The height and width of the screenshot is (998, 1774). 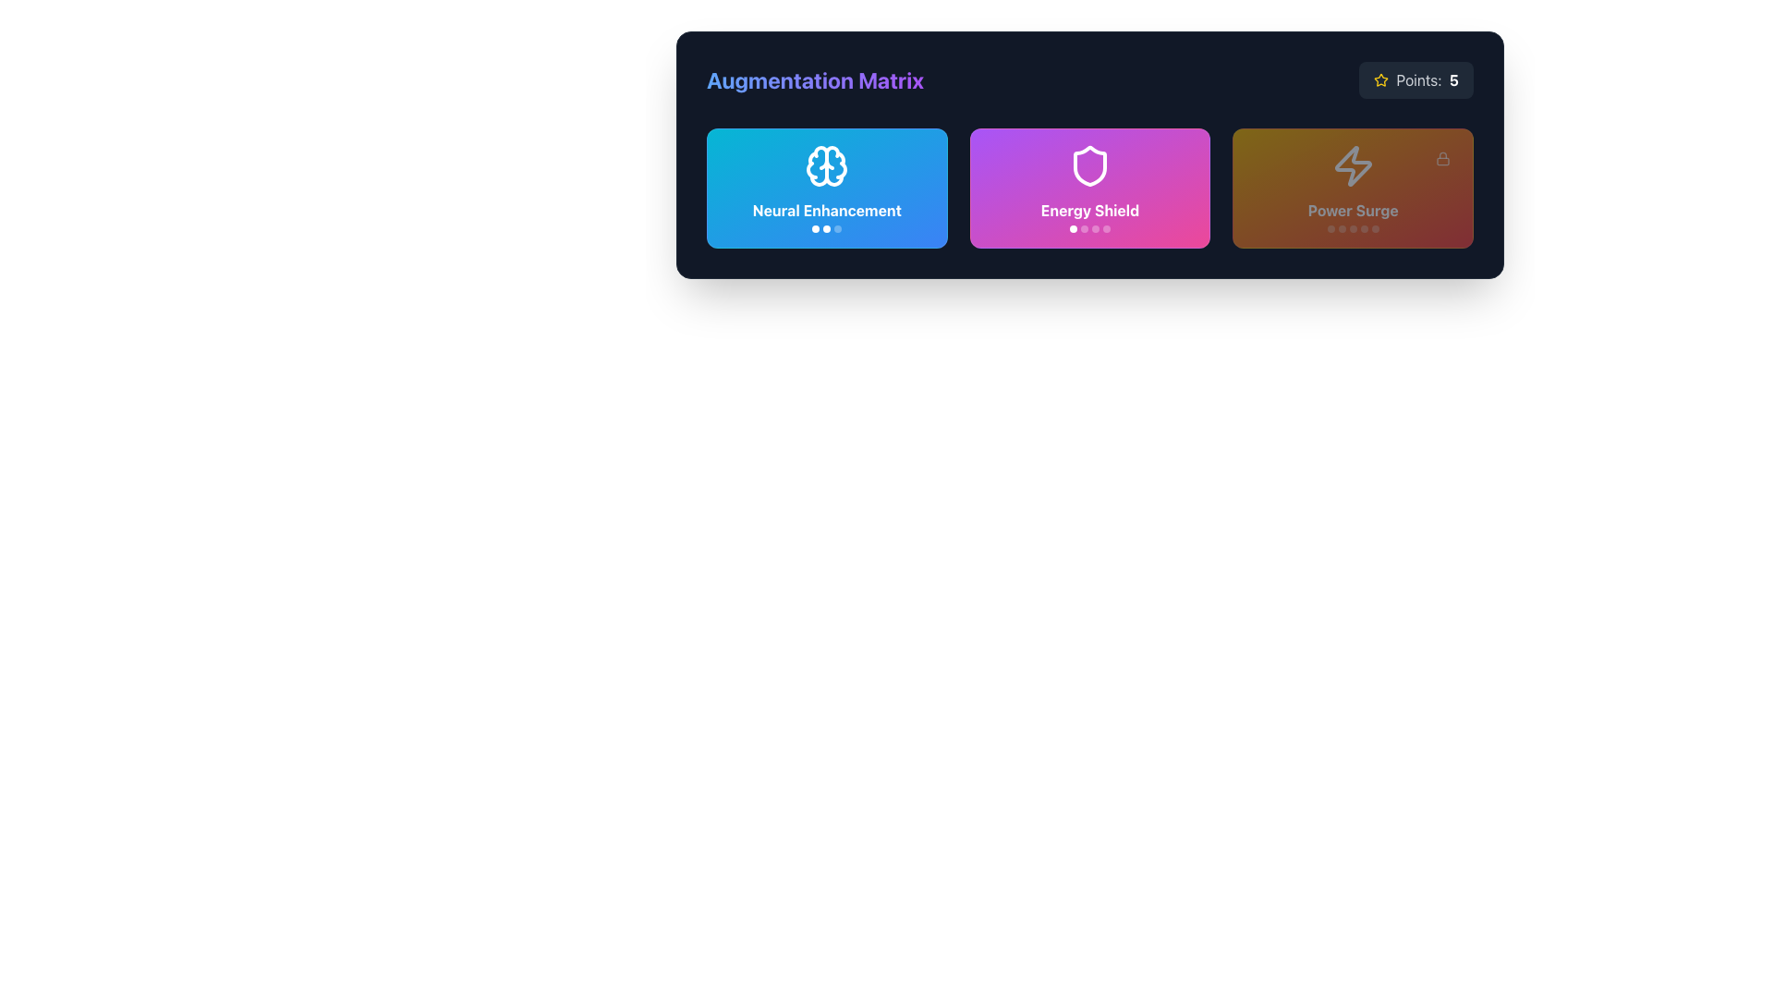 I want to click on the brain icon located in the blue card labeled 'Neural Enhancement', which is centered towards the top-middle of the interface, so click(x=817, y=166).